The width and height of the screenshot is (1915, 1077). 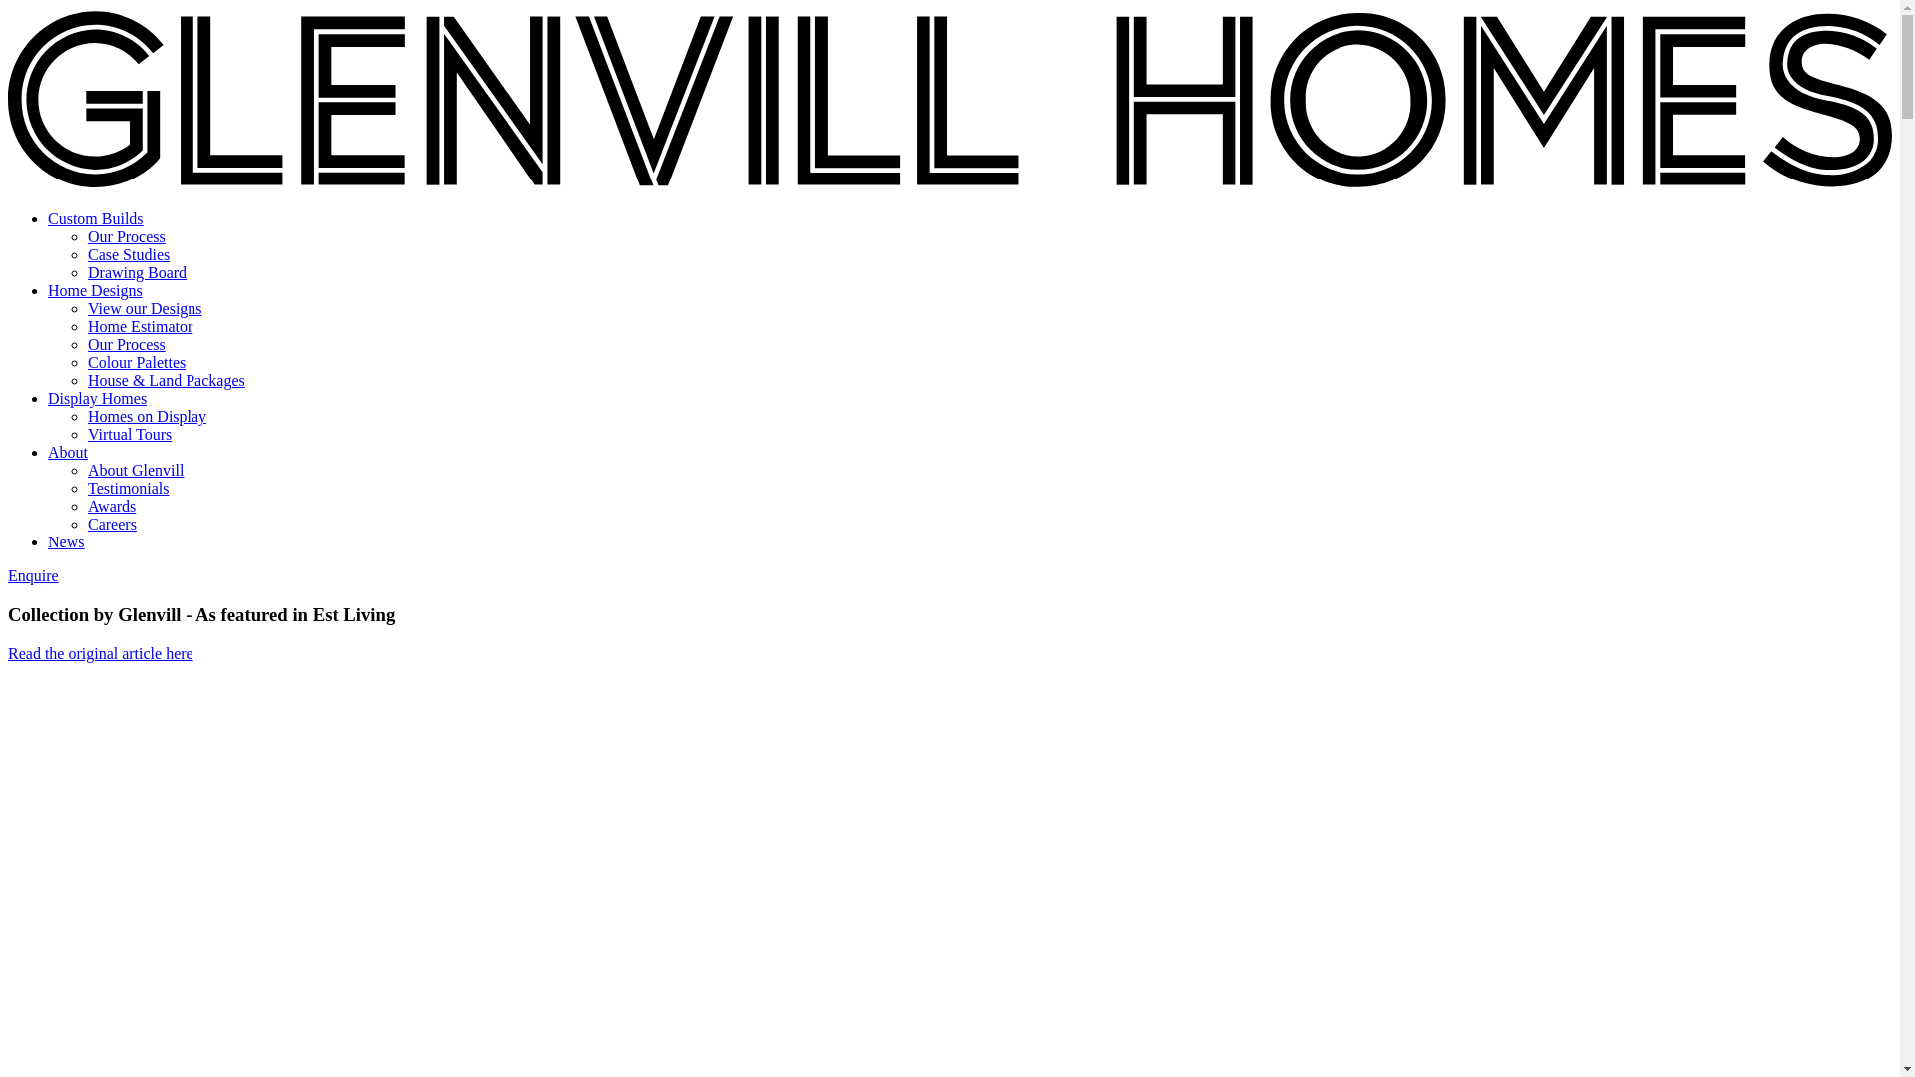 What do you see at coordinates (86, 380) in the screenshot?
I see `'House & Land Packages'` at bounding box center [86, 380].